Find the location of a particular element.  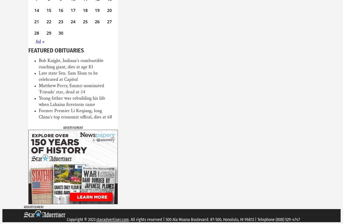

'24' is located at coordinates (72, 21).